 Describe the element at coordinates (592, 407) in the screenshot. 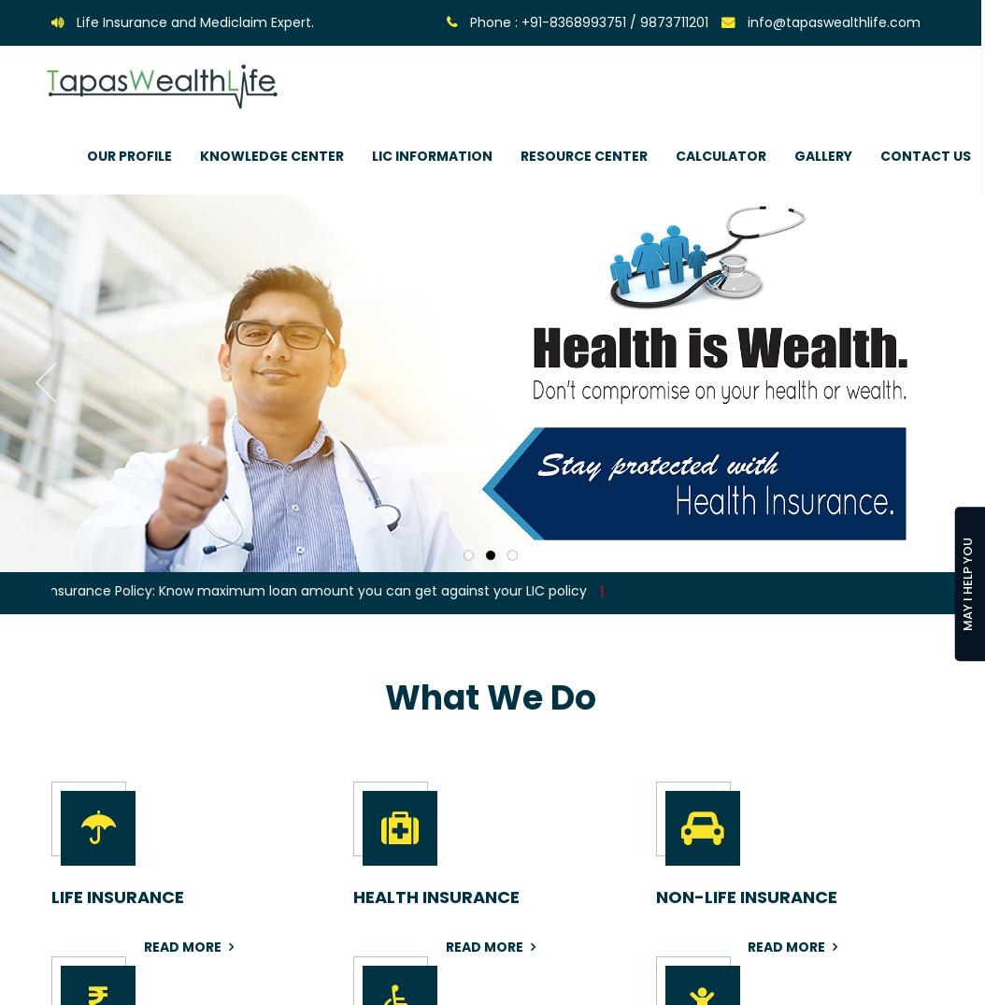

I see `'Important Videos'` at that location.